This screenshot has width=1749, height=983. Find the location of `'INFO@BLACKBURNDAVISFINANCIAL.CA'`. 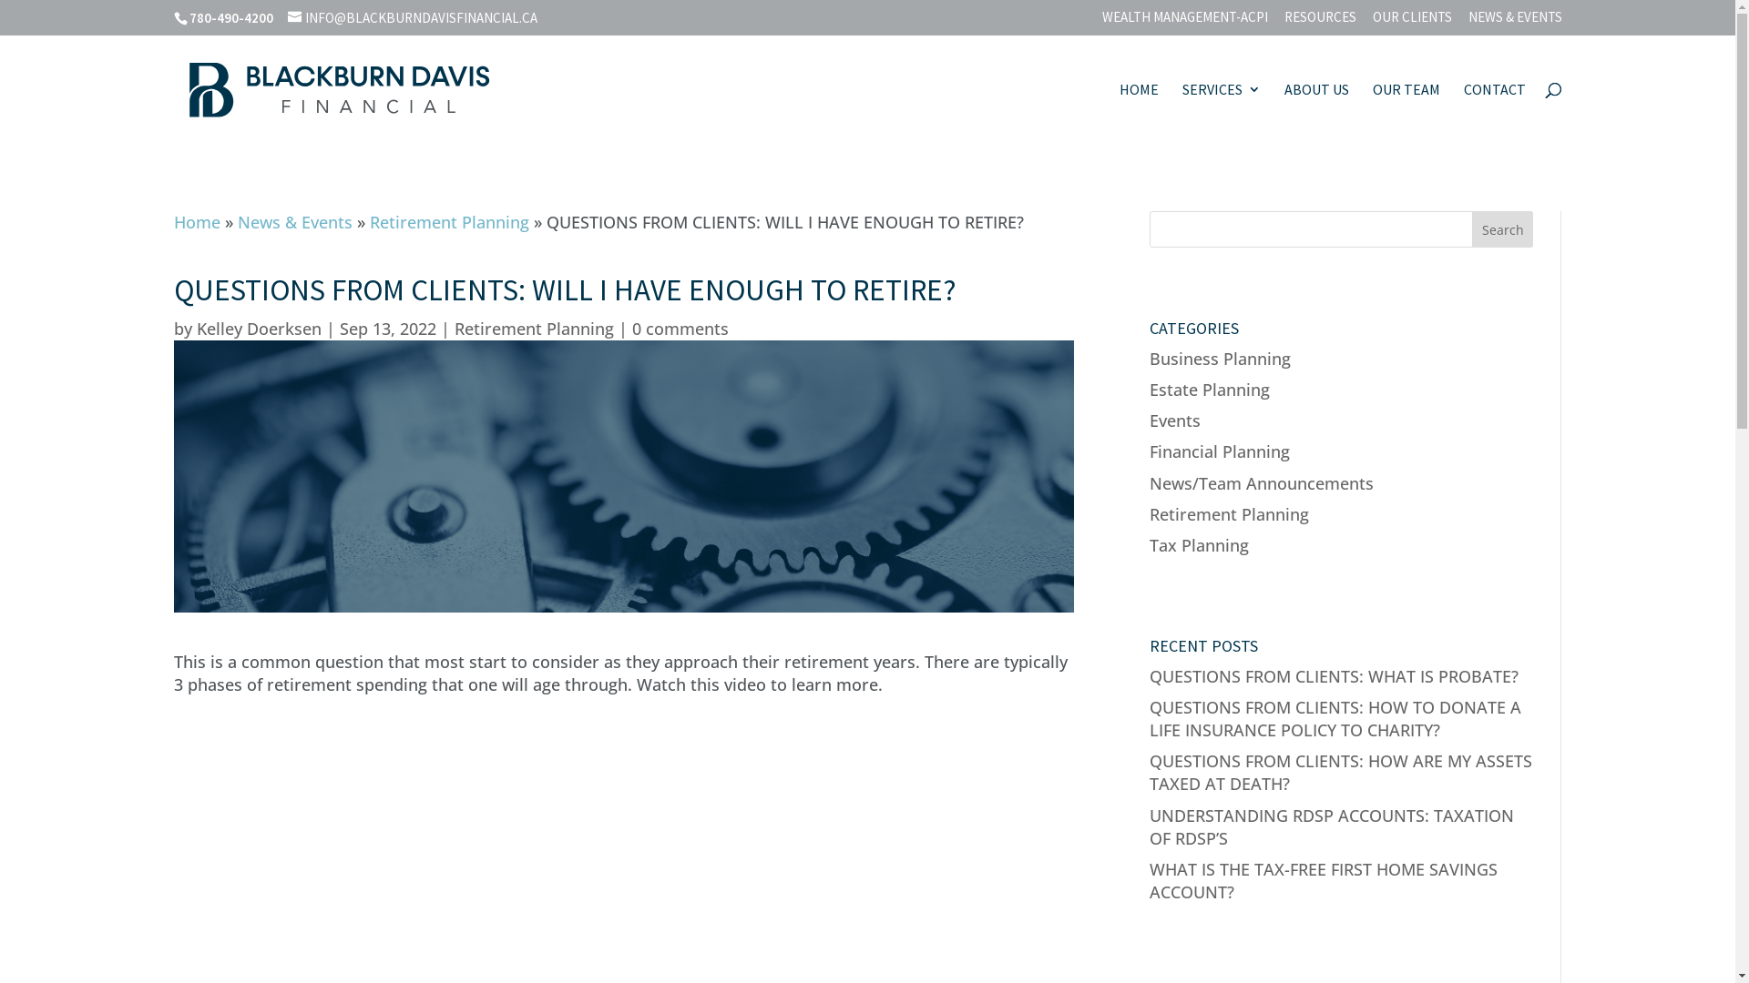

'INFO@BLACKBURNDAVISFINANCIAL.CA' is located at coordinates (411, 17).